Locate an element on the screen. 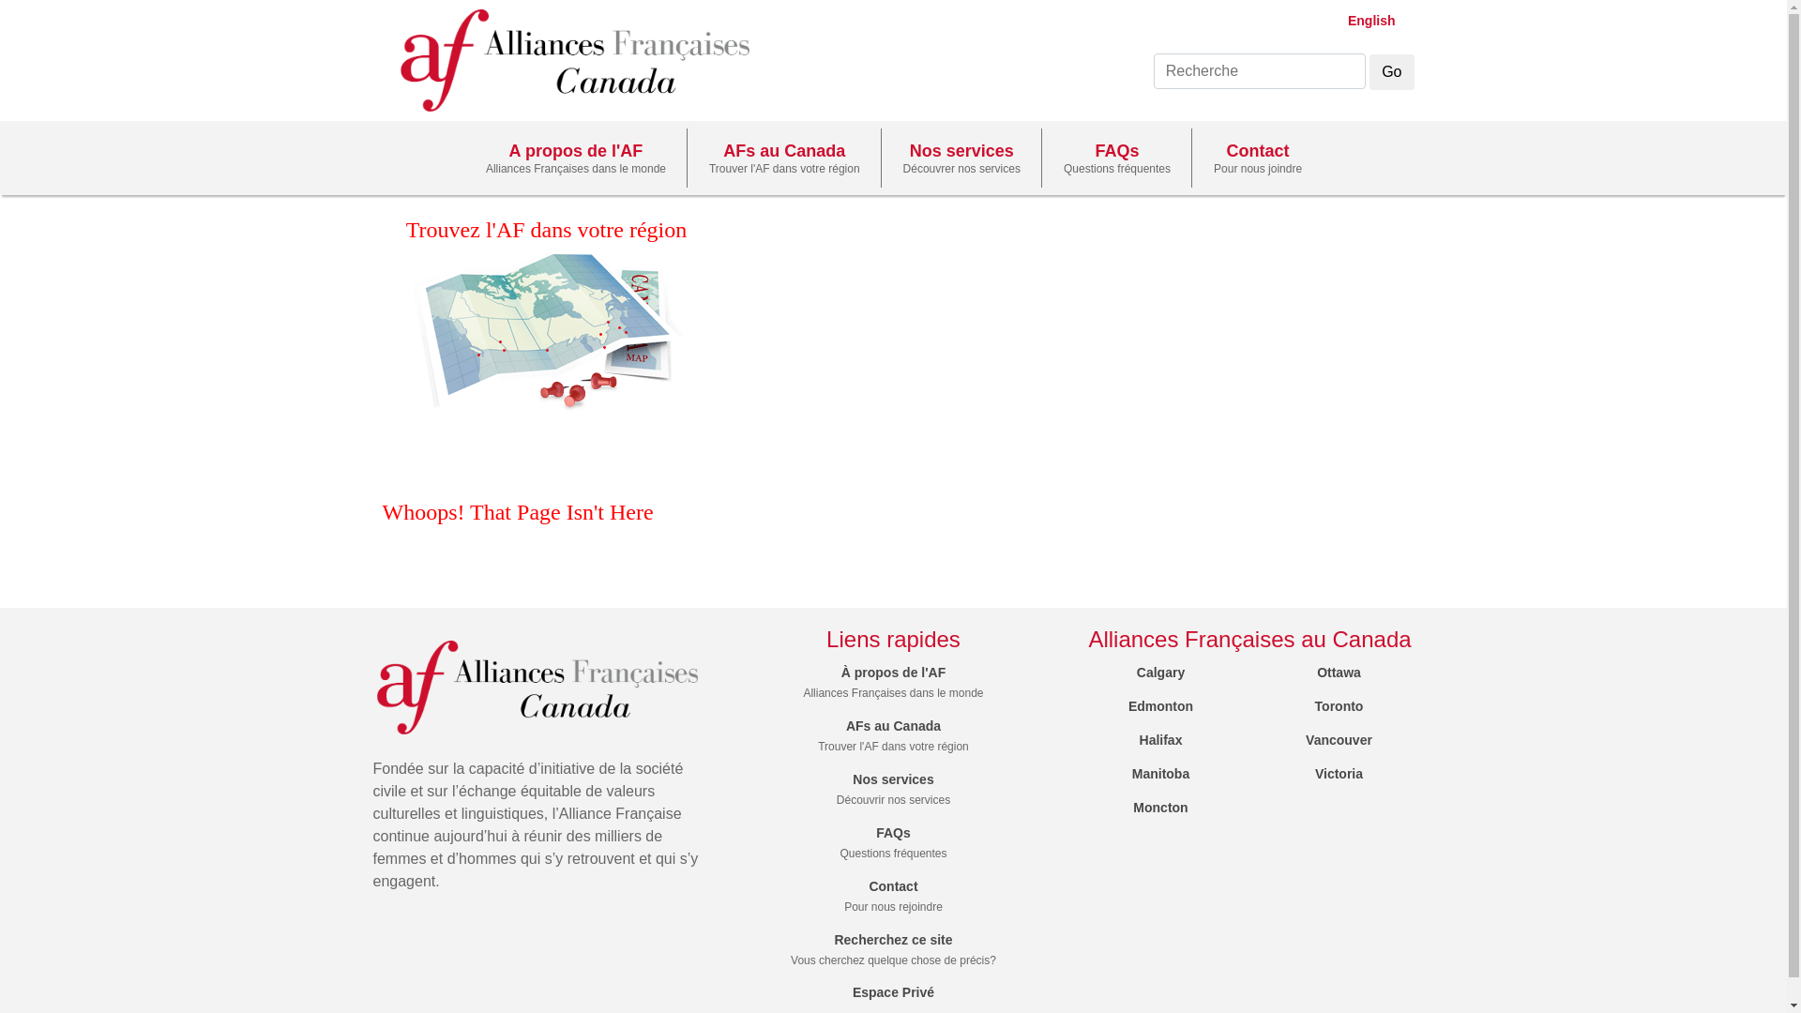  'Halifax' is located at coordinates (1160, 739).